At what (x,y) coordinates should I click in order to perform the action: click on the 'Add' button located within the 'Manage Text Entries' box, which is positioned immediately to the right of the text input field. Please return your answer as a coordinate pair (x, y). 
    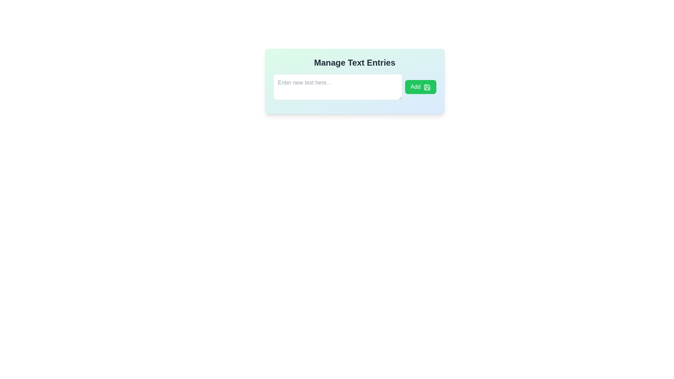
    Looking at the image, I should click on (421, 86).